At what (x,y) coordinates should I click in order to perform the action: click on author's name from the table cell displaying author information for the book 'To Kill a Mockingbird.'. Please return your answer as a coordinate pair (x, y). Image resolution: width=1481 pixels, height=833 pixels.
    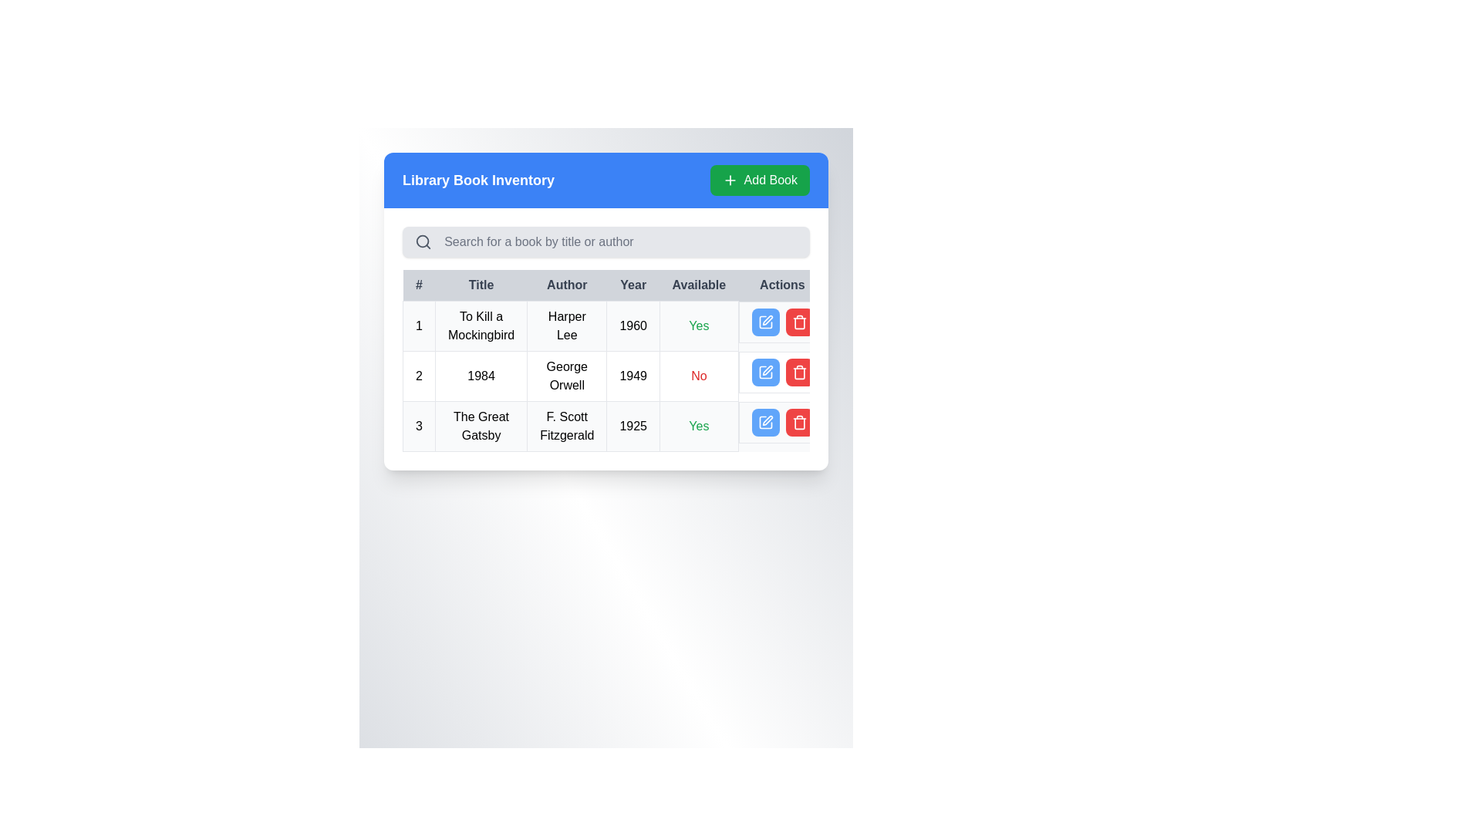
    Looking at the image, I should click on (566, 325).